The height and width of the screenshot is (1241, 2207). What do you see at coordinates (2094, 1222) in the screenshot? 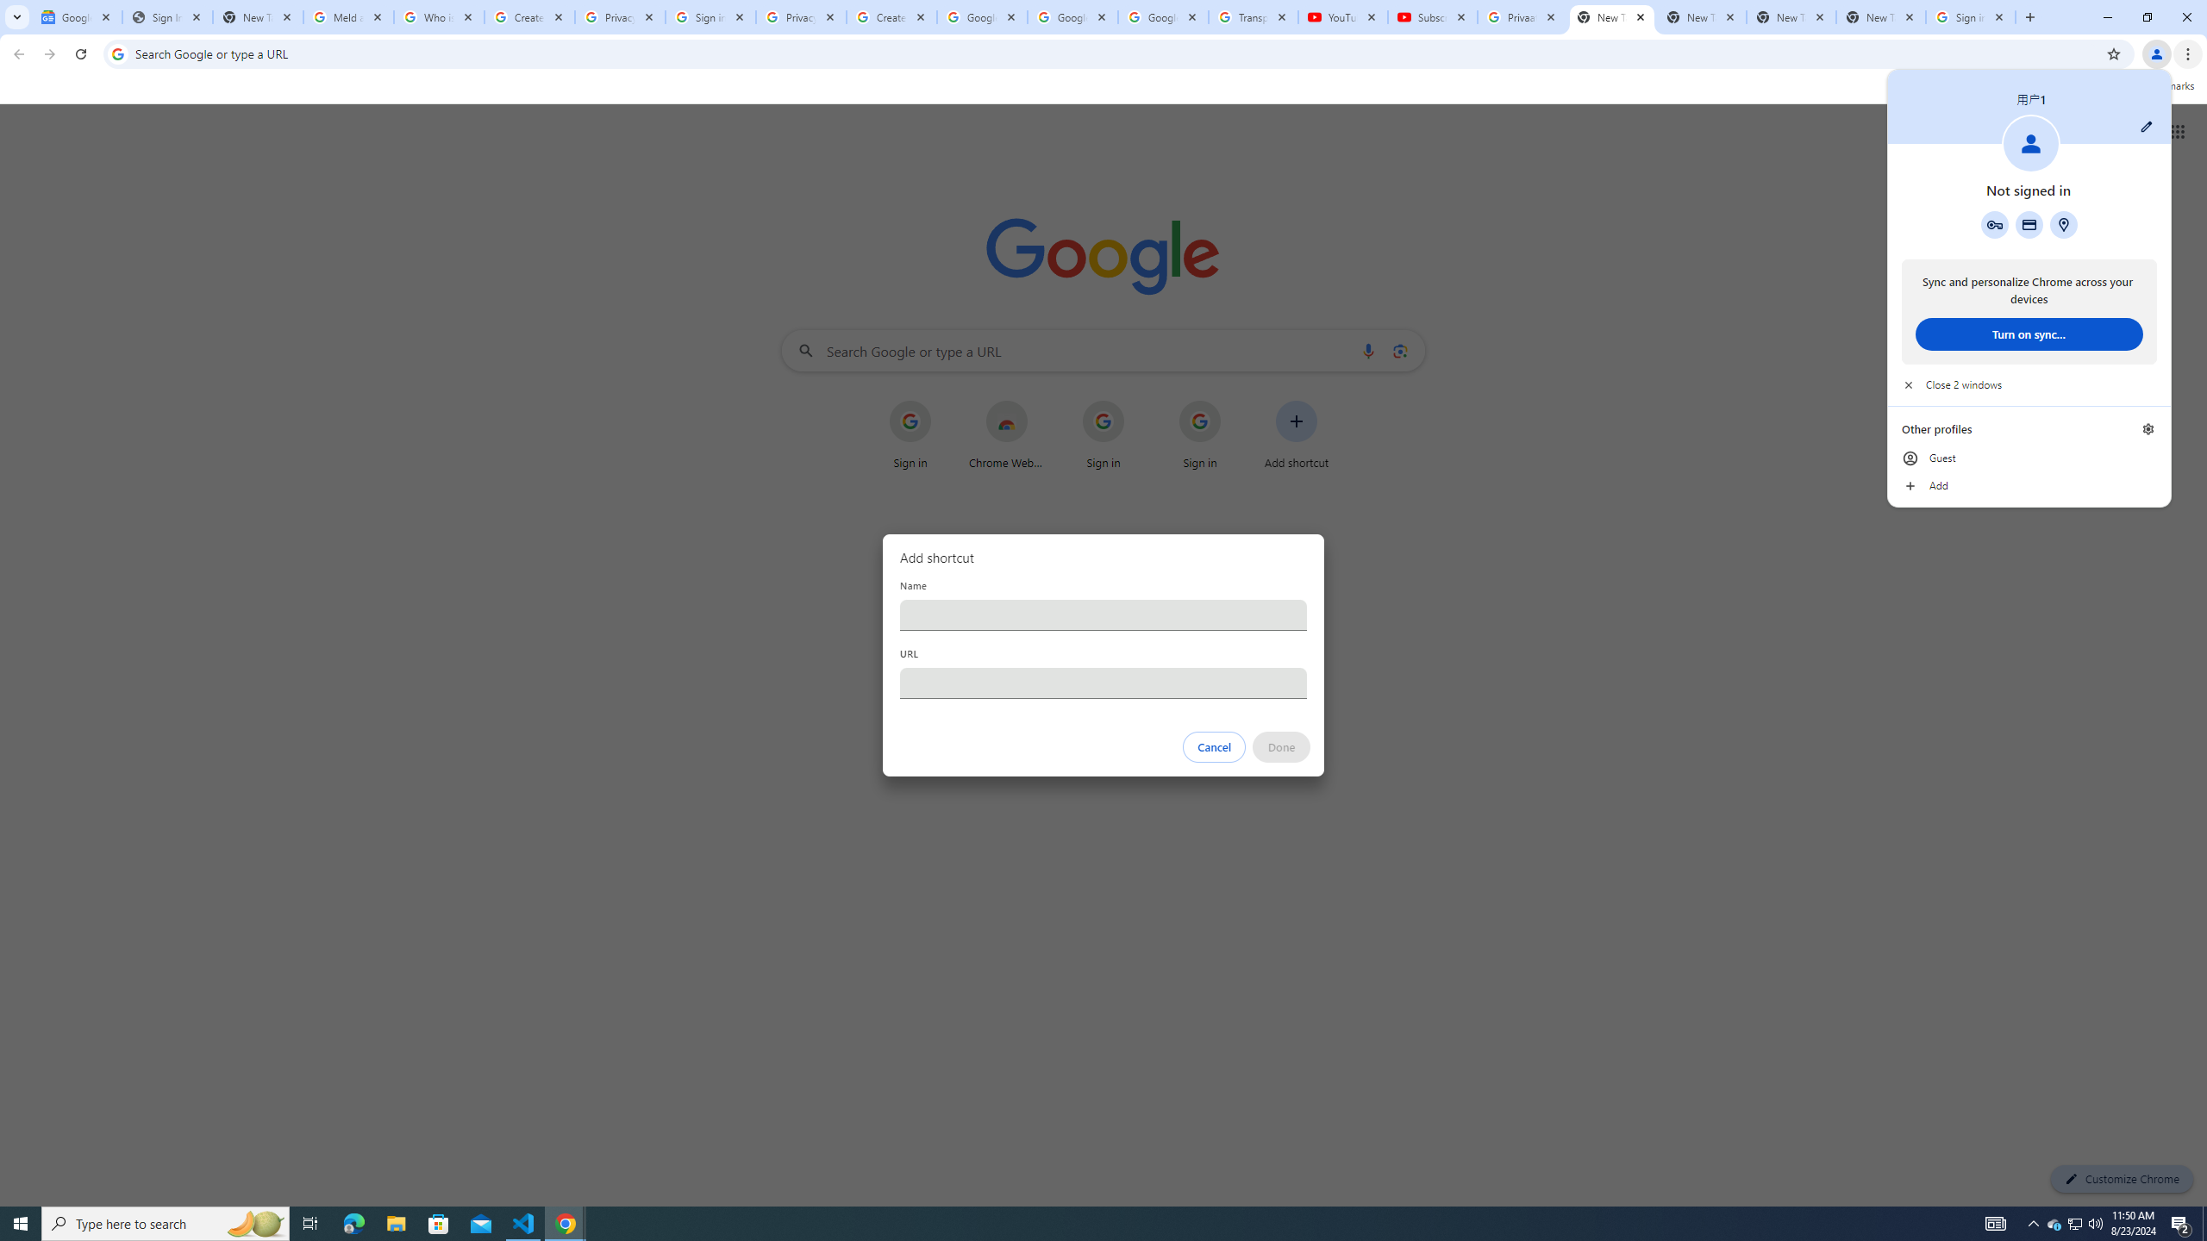
I see `'Q2790: 100%'` at bounding box center [2094, 1222].